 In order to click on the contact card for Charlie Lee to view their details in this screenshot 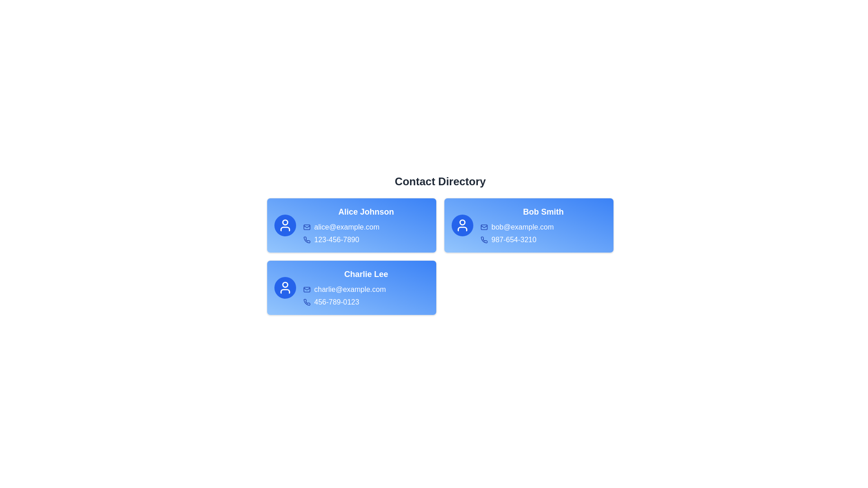, I will do `click(351, 287)`.